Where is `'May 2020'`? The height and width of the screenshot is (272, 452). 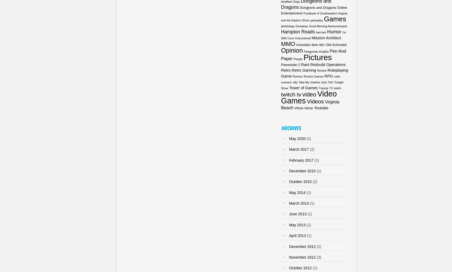 'May 2020' is located at coordinates (289, 138).